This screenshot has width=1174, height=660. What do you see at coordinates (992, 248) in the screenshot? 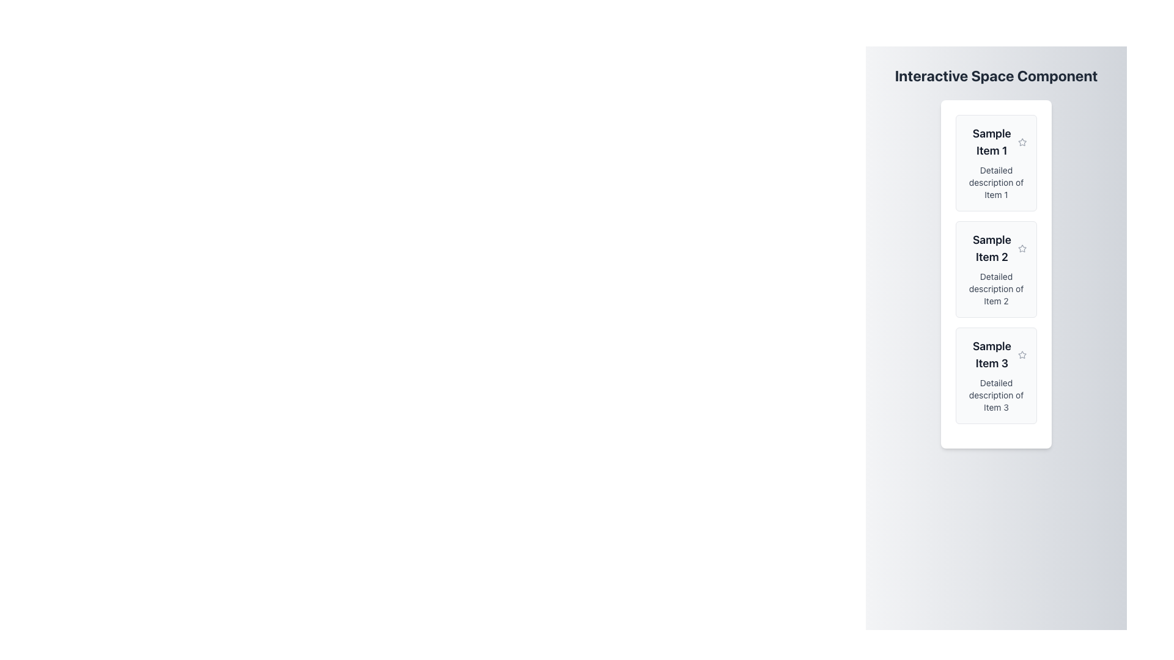
I see `the bold heading of the second card in the content section` at bounding box center [992, 248].